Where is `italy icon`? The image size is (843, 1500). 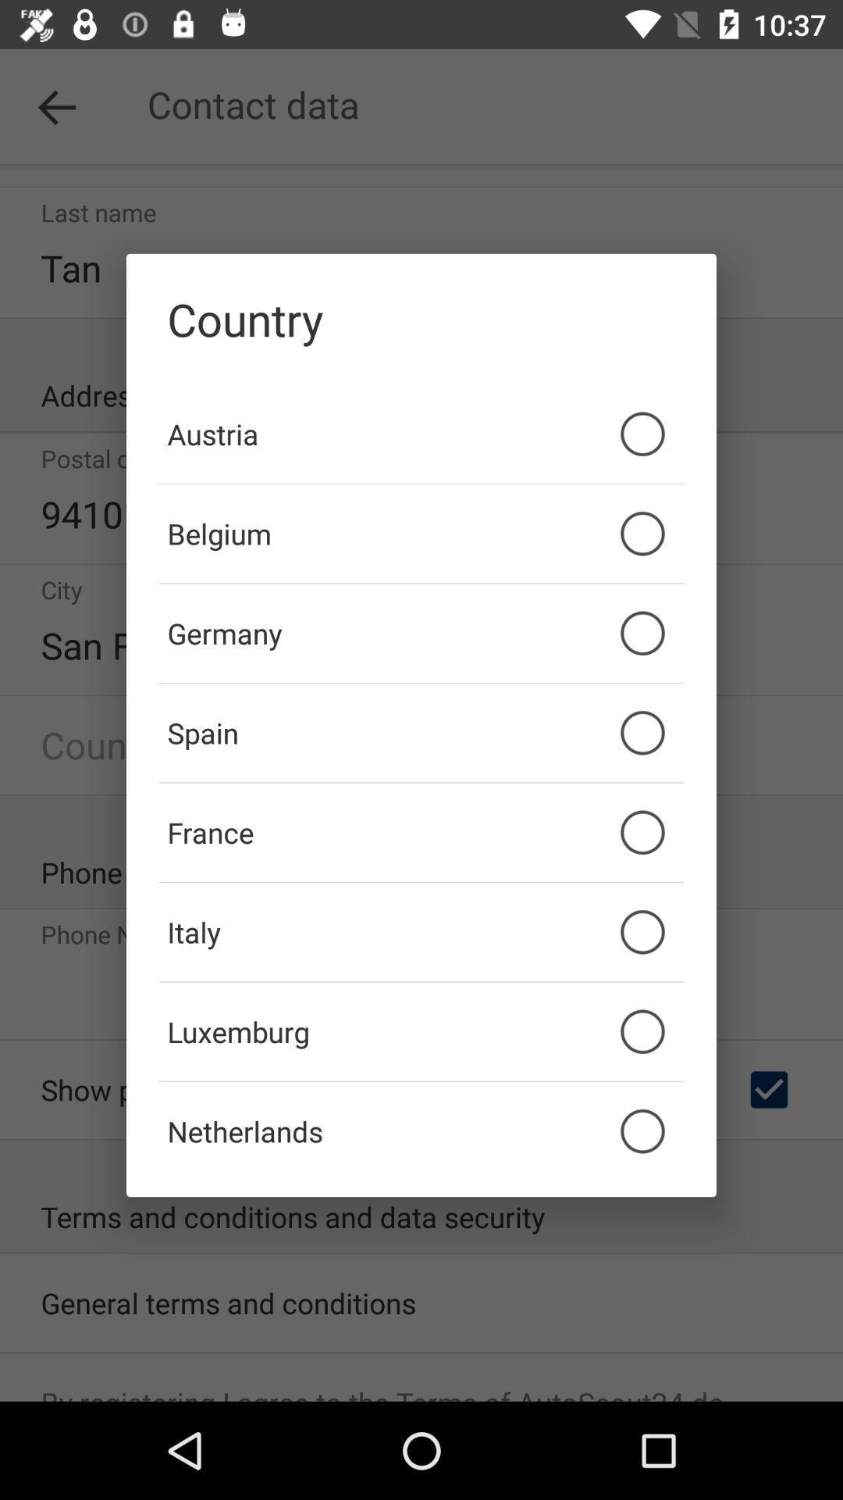
italy icon is located at coordinates (421, 932).